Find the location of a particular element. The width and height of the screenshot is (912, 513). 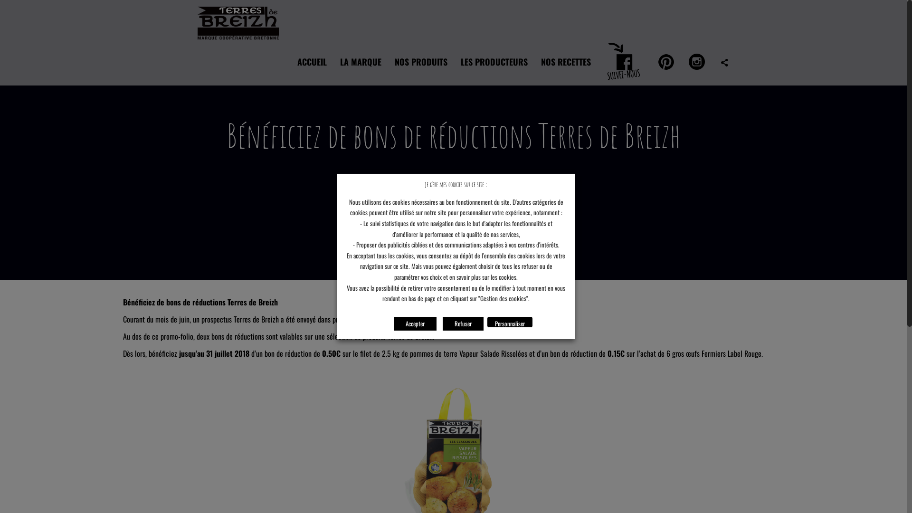

'NOS RECETTES' is located at coordinates (566, 62).